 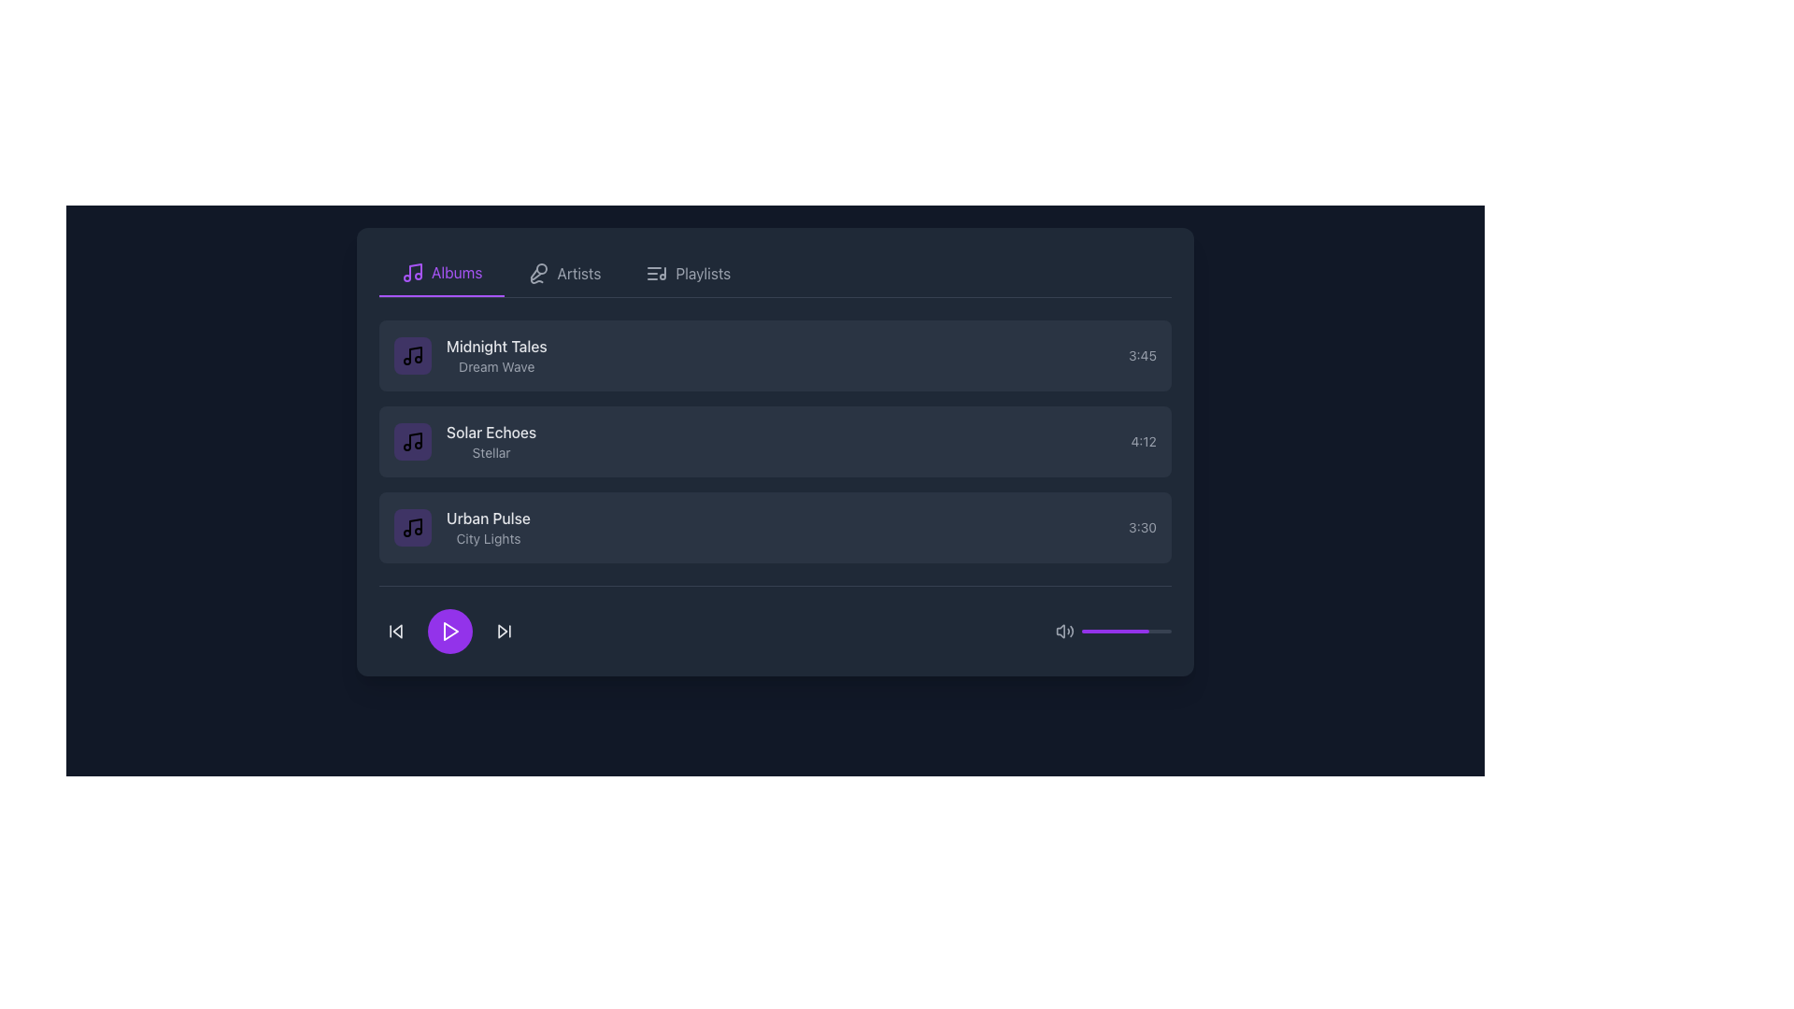 What do you see at coordinates (465, 442) in the screenshot?
I see `the second list item titled 'Solar Echoes' which has a larger light gray title and a smaller darker gray subtitle` at bounding box center [465, 442].